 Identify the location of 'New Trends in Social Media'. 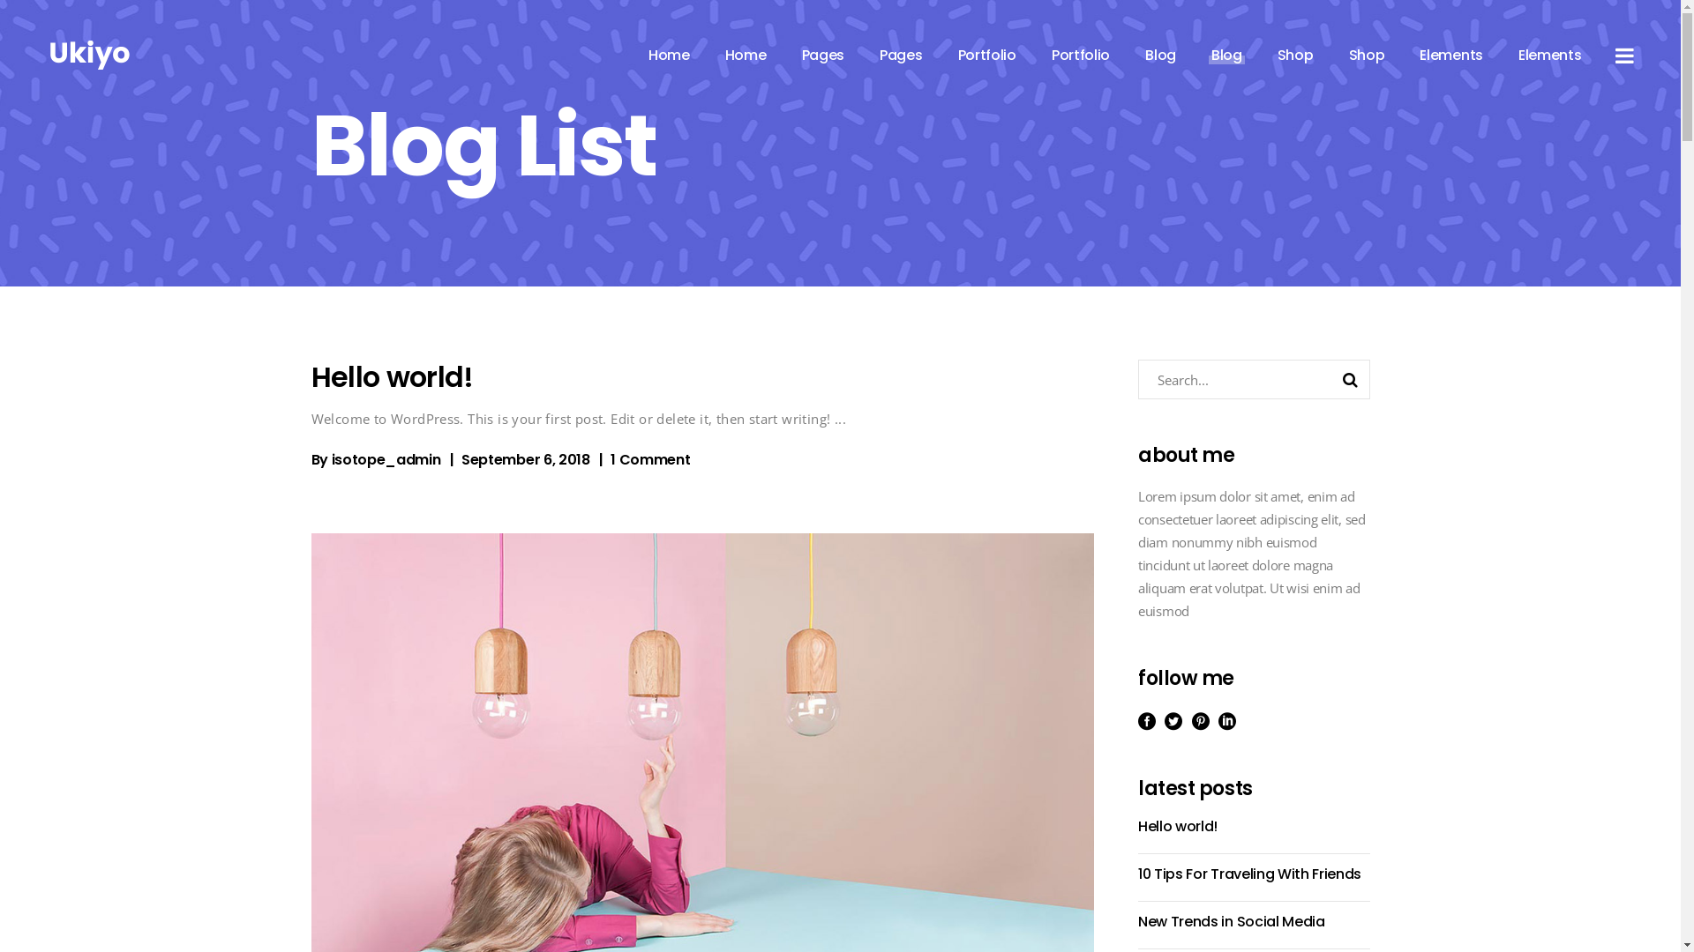
(1231, 920).